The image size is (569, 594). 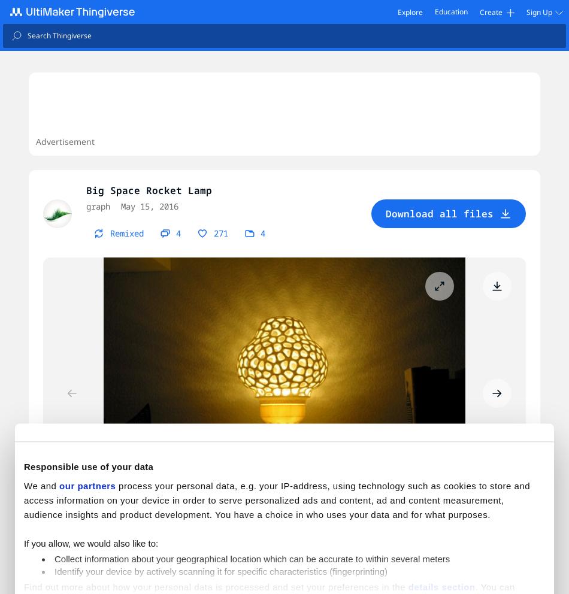 I want to click on 'Download all files', so click(x=438, y=213).